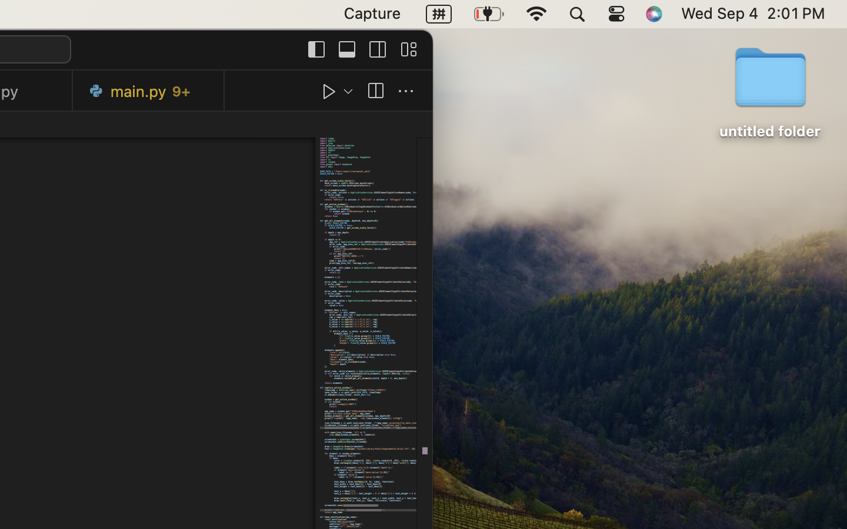 The image size is (847, 529). What do you see at coordinates (346, 48) in the screenshot?
I see `''` at bounding box center [346, 48].